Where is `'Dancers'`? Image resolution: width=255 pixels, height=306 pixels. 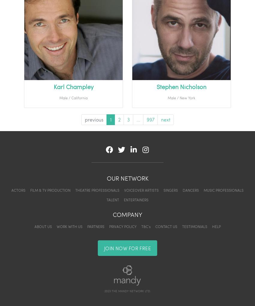
'Dancers' is located at coordinates (182, 190).